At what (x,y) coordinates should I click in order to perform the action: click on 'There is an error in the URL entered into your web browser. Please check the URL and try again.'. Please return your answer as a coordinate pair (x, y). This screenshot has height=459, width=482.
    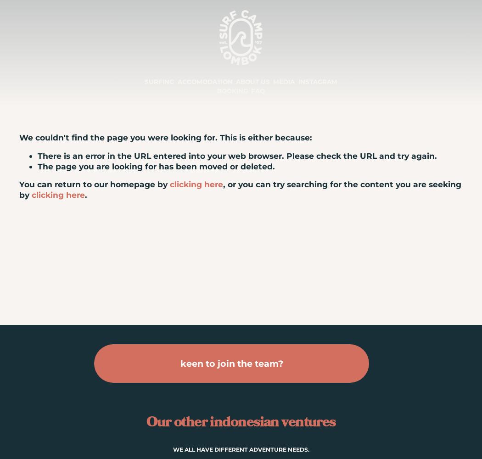
    Looking at the image, I should click on (38, 155).